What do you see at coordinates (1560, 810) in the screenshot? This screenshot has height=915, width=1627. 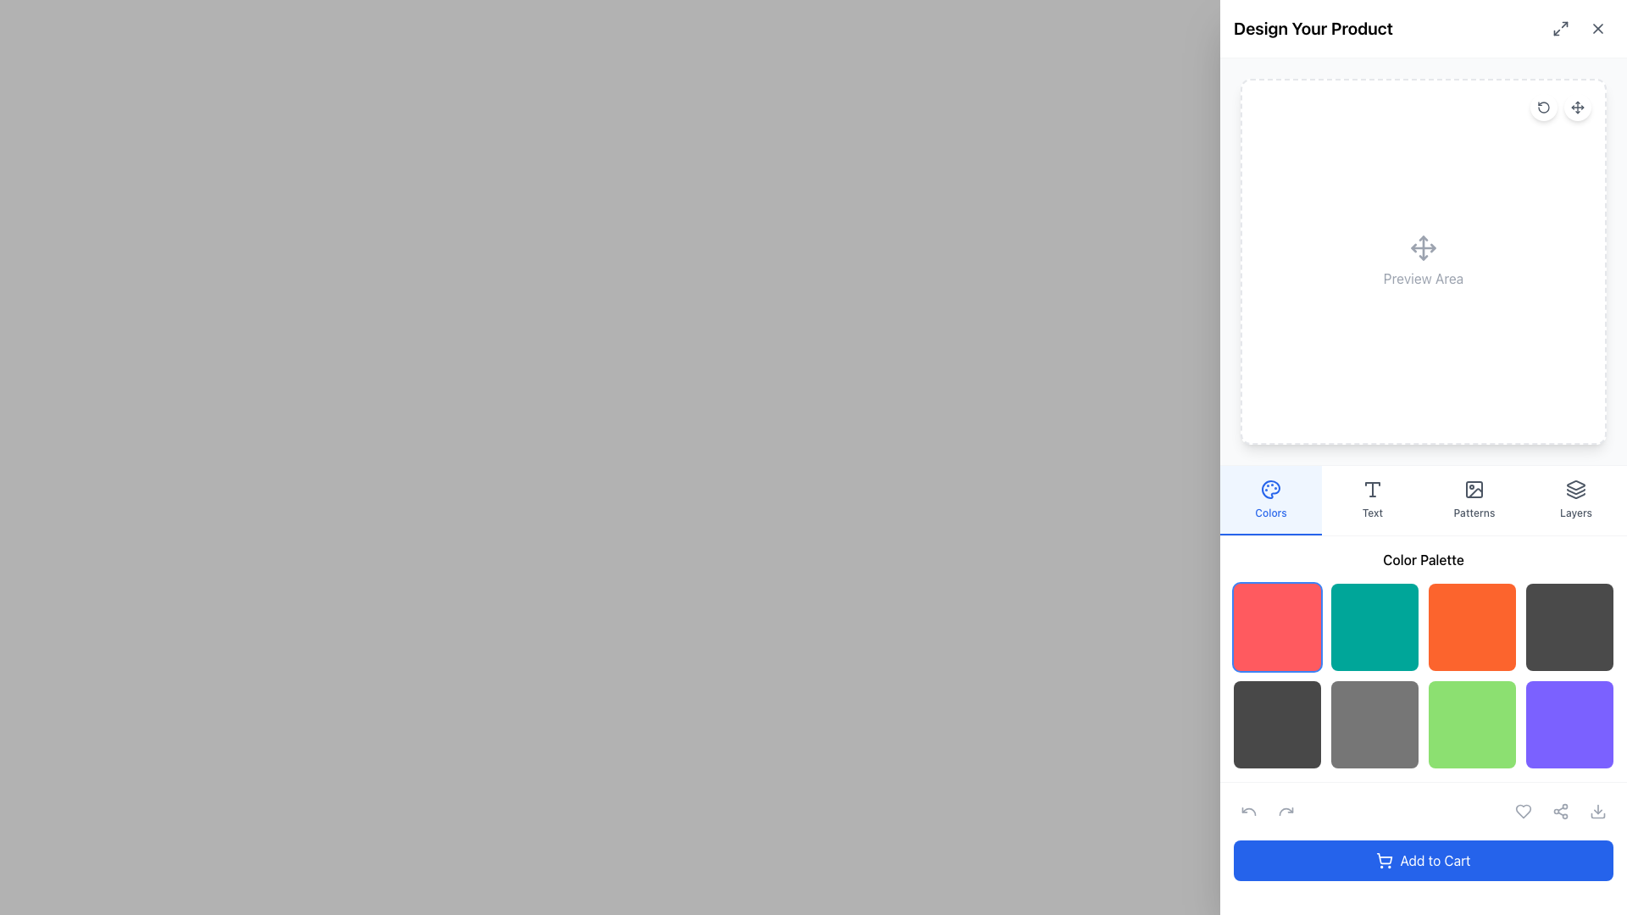 I see `the center of the sharing icon, which resembles interconnected nodes and is positioned centrally among three icons in a horizontal row below the main content area` at bounding box center [1560, 810].